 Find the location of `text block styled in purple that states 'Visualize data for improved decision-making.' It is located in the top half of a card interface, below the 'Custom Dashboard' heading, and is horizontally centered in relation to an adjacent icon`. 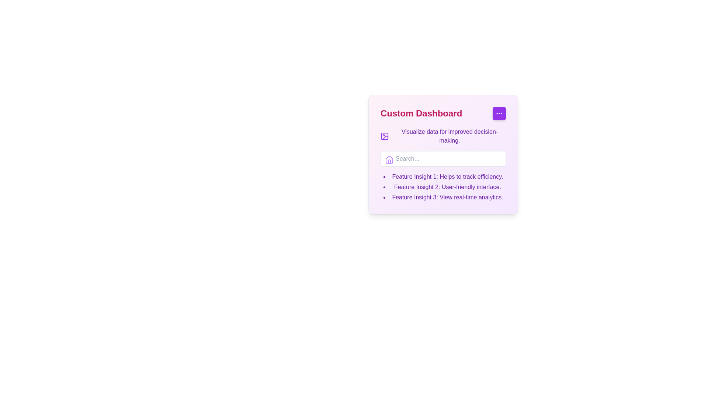

text block styled in purple that states 'Visualize data for improved decision-making.' It is located in the top half of a card interface, below the 'Custom Dashboard' heading, and is horizontally centered in relation to an adjacent icon is located at coordinates (449, 136).